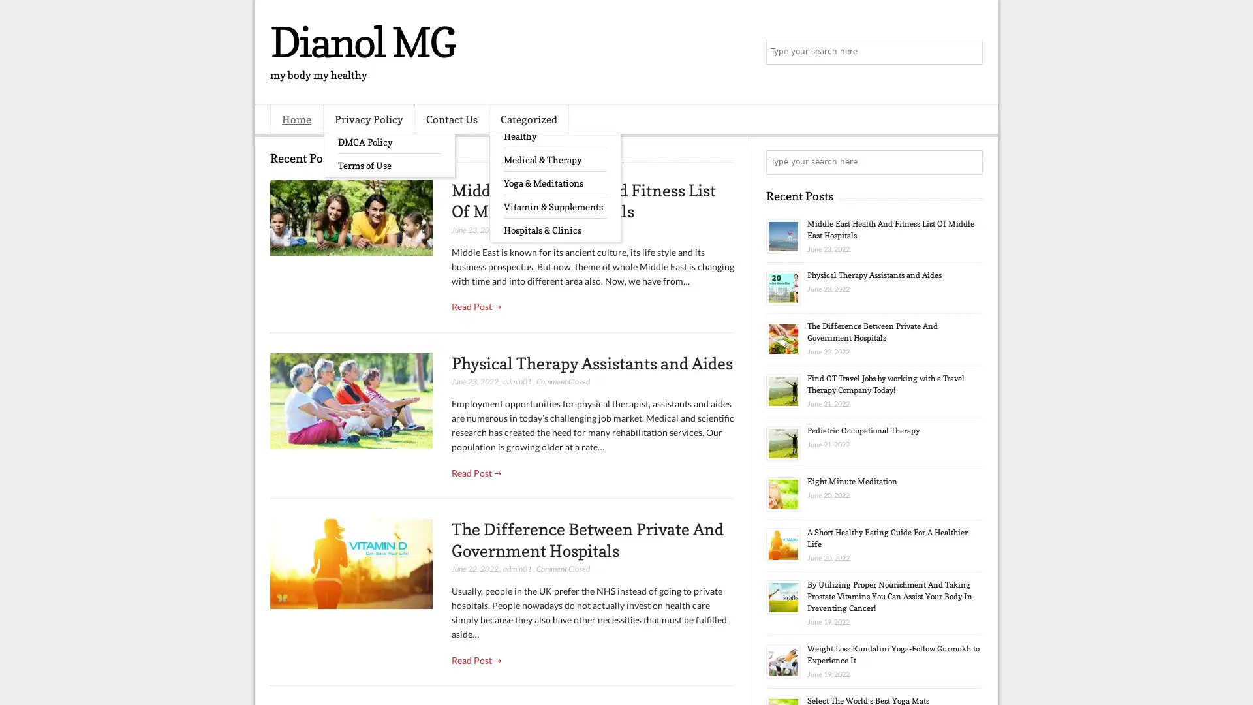 The image size is (1253, 705). I want to click on Search, so click(969, 52).